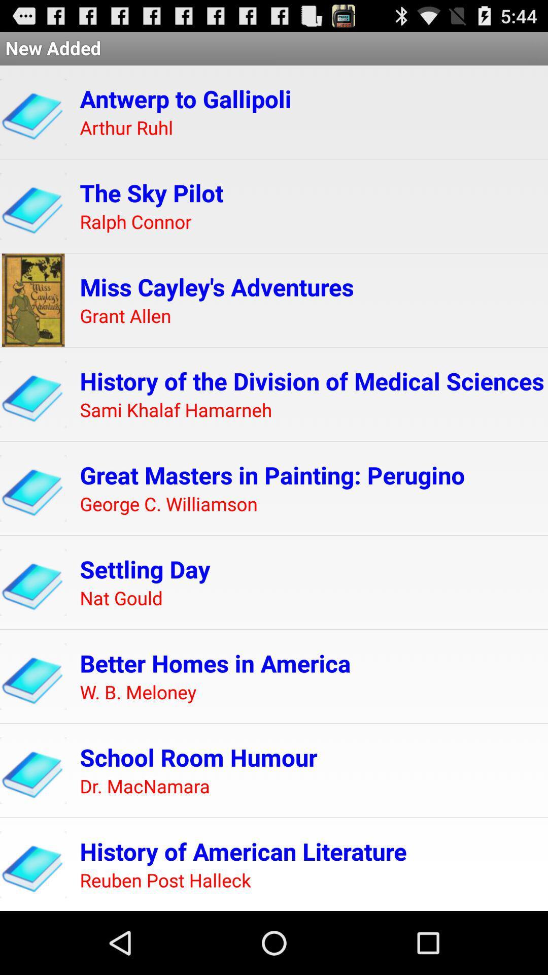  What do you see at coordinates (165, 880) in the screenshot?
I see `the app below the history of american icon` at bounding box center [165, 880].